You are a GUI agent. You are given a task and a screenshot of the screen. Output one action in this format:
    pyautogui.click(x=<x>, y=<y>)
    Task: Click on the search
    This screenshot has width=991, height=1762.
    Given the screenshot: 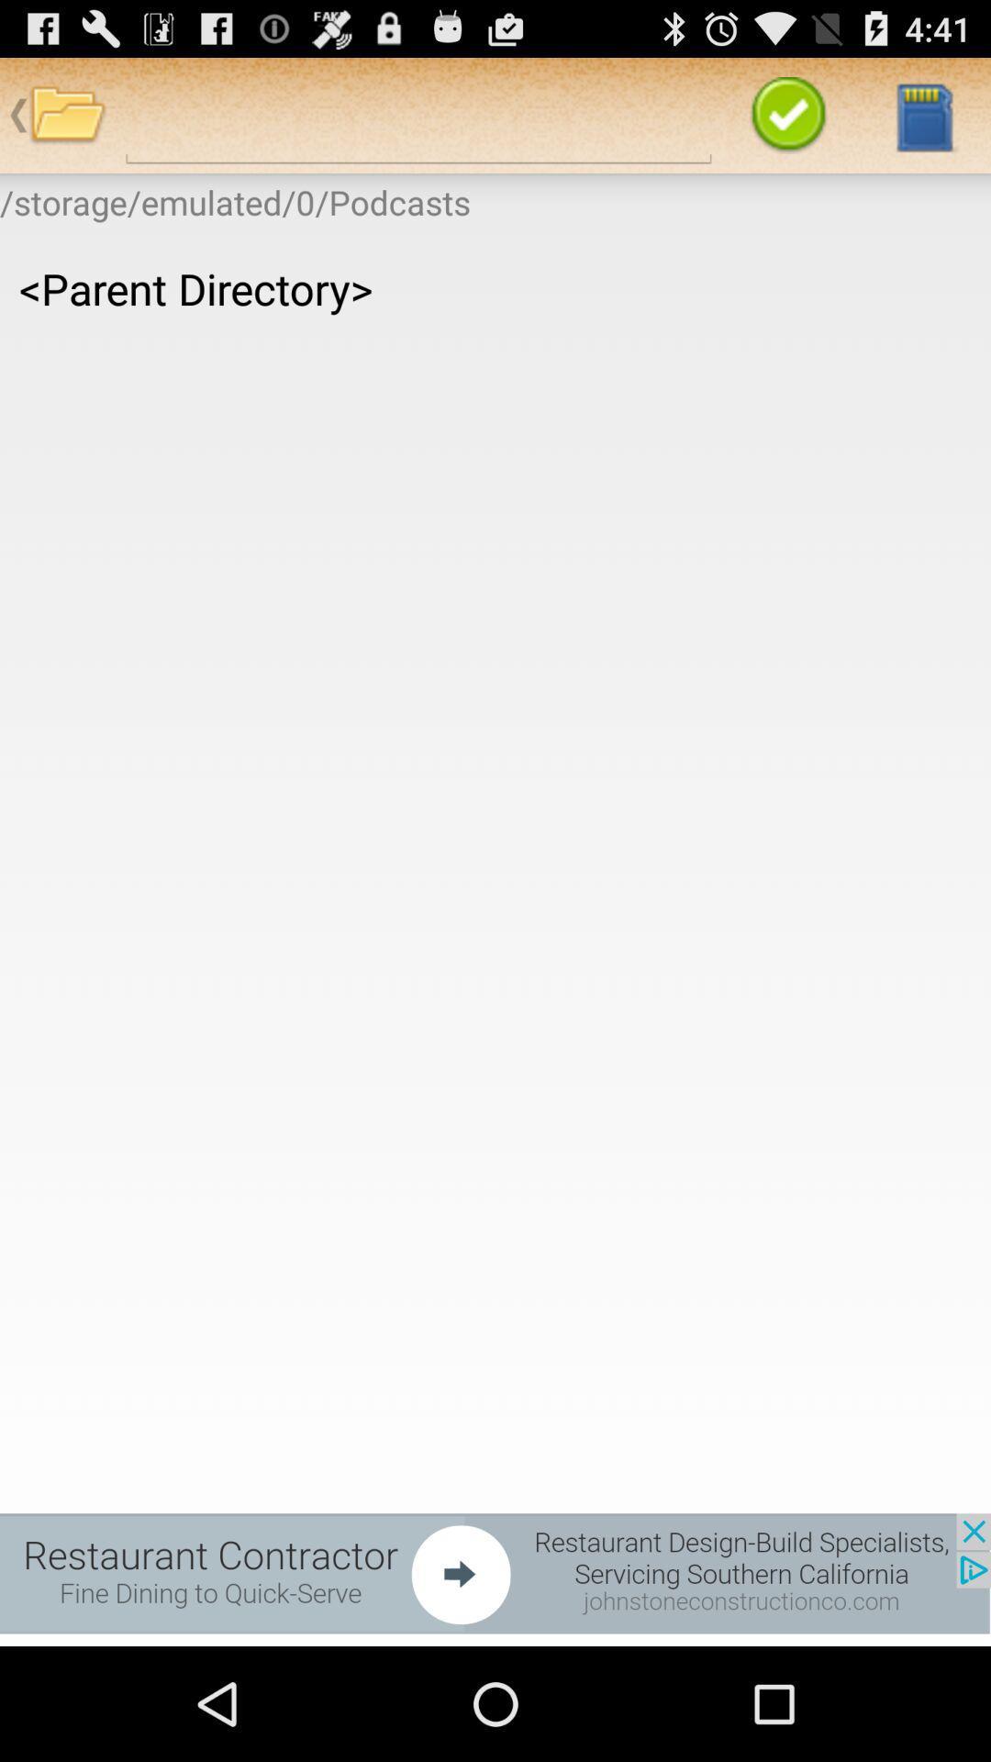 What is the action you would take?
    pyautogui.click(x=418, y=114)
    